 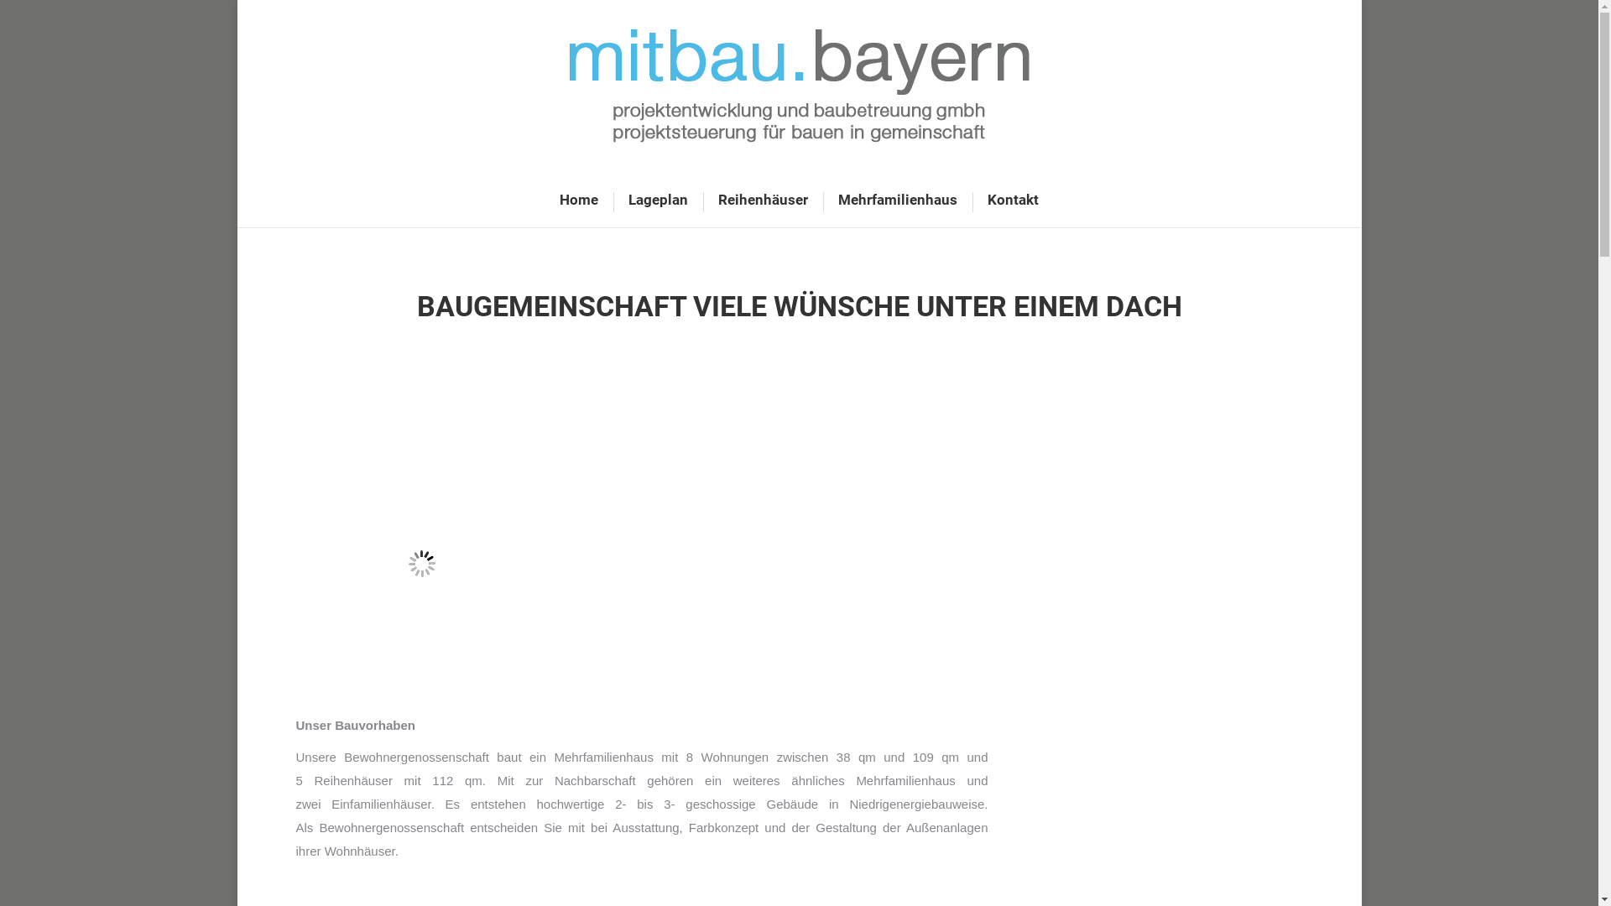 I want to click on 'Mehrfamilienhaus', so click(x=897, y=199).